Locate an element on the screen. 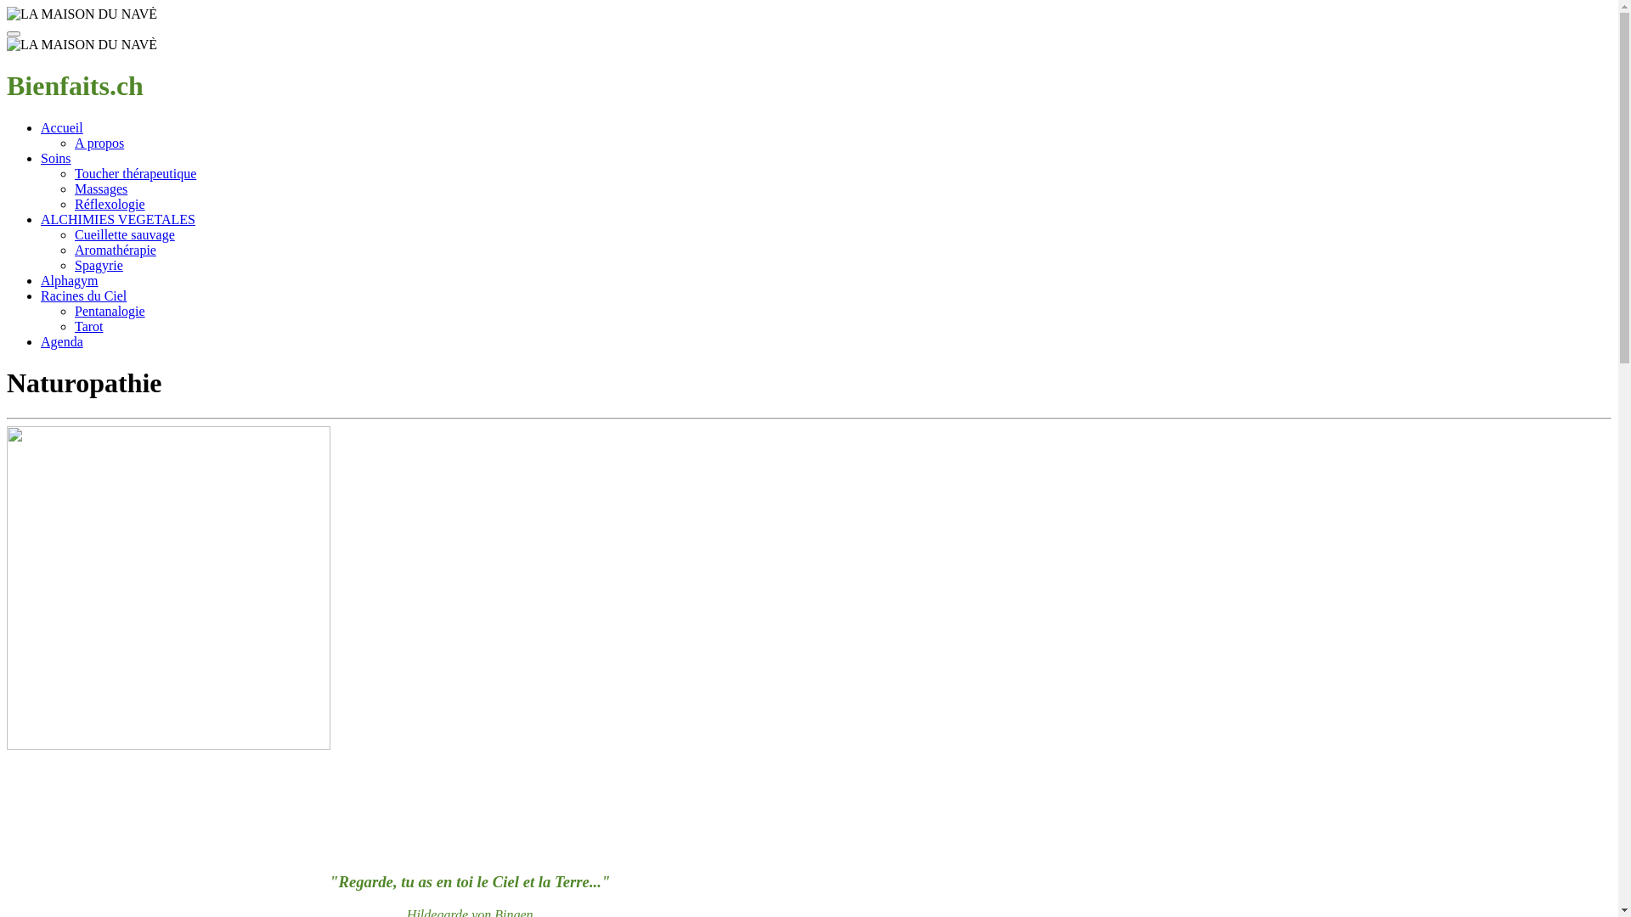 The image size is (1631, 917). 'Agenda' is located at coordinates (61, 341).